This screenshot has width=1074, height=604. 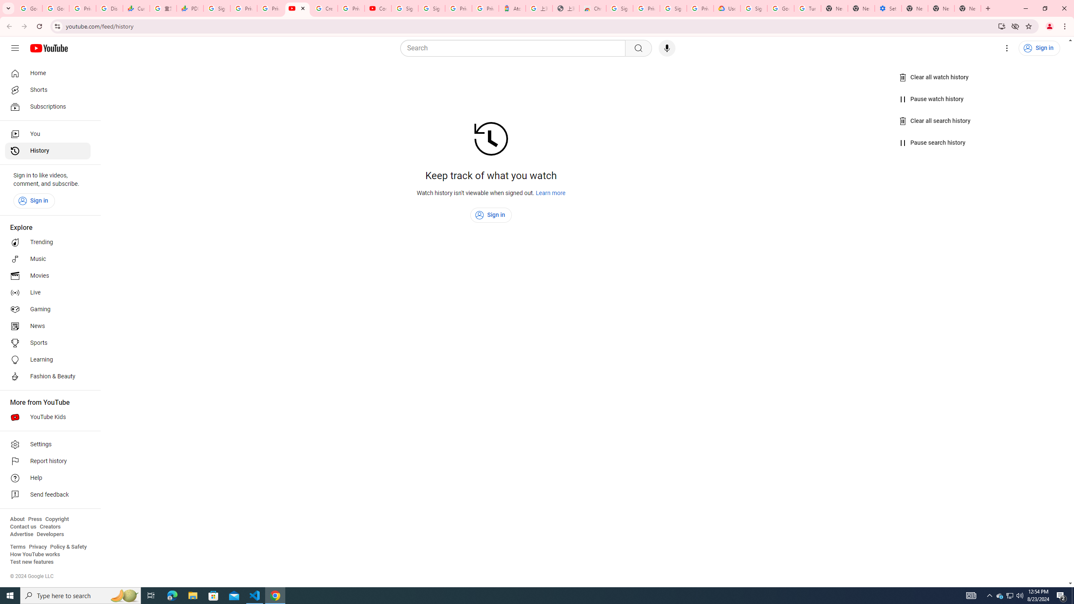 I want to click on 'Learning', so click(x=47, y=359).